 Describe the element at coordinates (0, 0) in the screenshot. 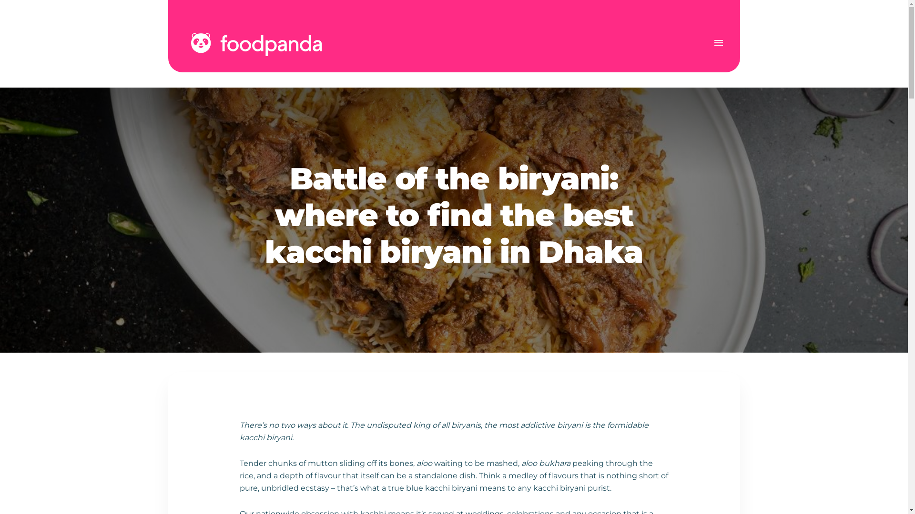

I see `'Skip to content'` at that location.